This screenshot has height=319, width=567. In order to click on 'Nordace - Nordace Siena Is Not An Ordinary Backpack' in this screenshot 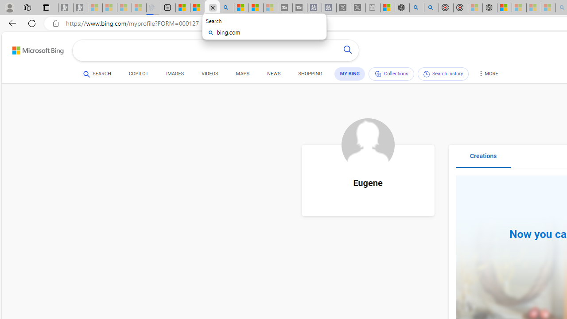, I will do `click(489, 8)`.